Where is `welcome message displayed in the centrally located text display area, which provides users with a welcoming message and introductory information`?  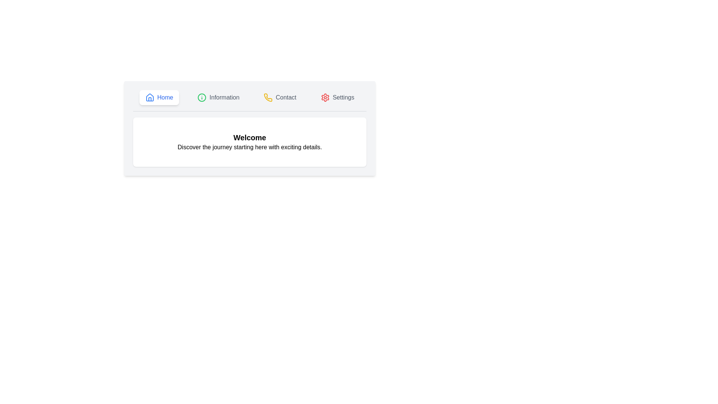
welcome message displayed in the centrally located text display area, which provides users with a welcoming message and introductory information is located at coordinates (249, 142).